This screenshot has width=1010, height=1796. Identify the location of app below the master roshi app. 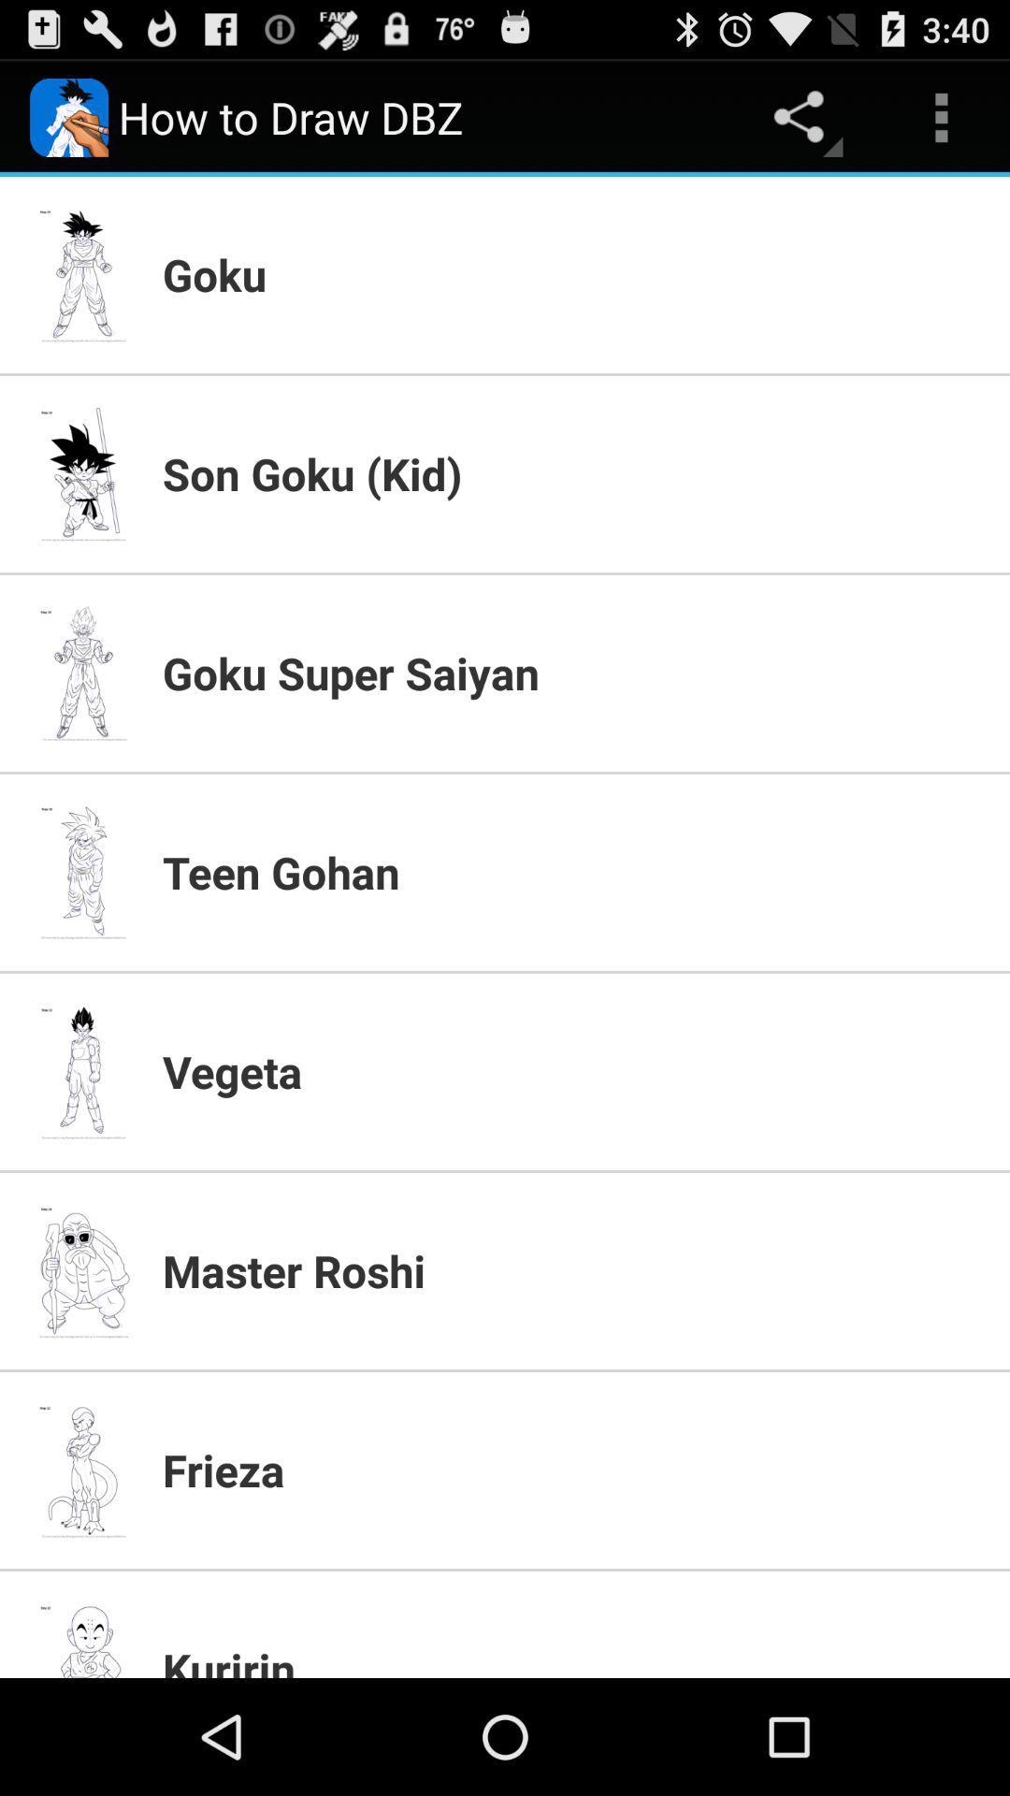
(573, 1469).